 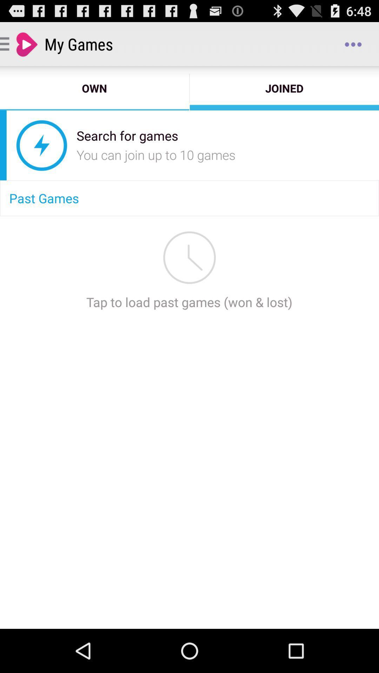 What do you see at coordinates (353, 43) in the screenshot?
I see `the item next to the my games icon` at bounding box center [353, 43].